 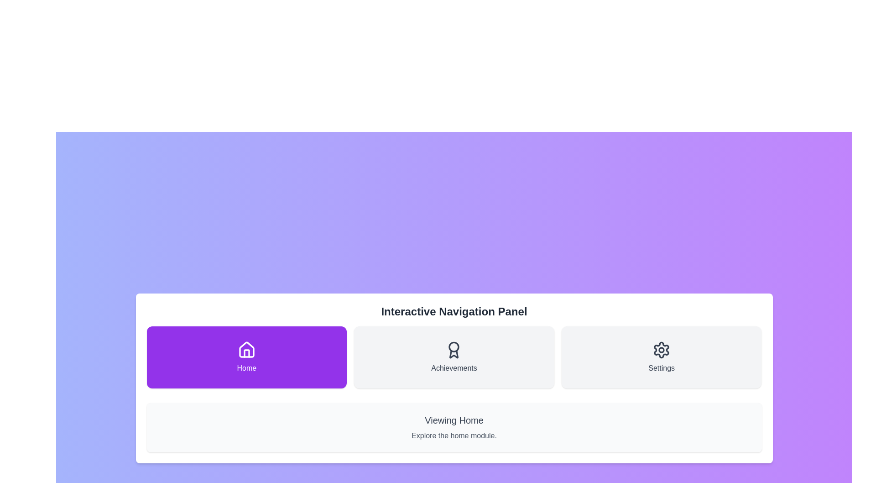 I want to click on the Text Label displaying 'Explore the home module.' which is located beneath the 'Viewing Home' text in the UI, so click(x=454, y=435).